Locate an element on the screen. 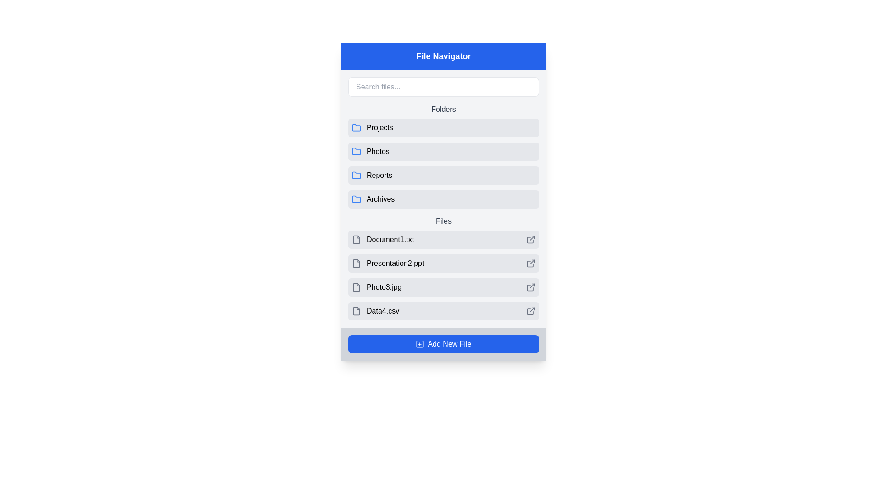  the first file entry is located at coordinates (443, 239).